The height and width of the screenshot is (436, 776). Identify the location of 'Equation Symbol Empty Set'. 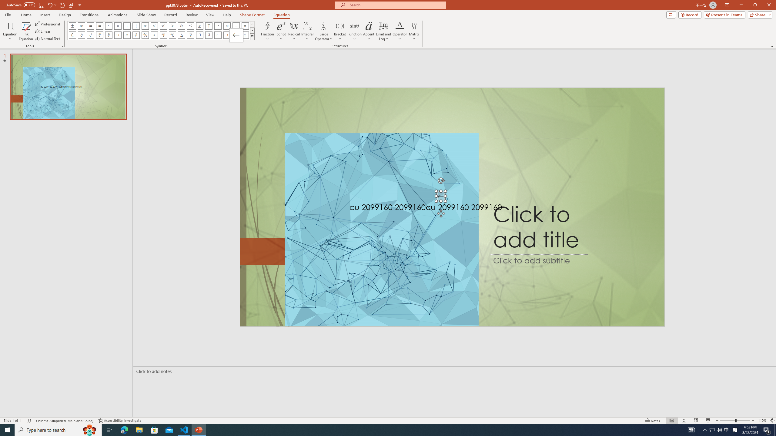
(136, 35).